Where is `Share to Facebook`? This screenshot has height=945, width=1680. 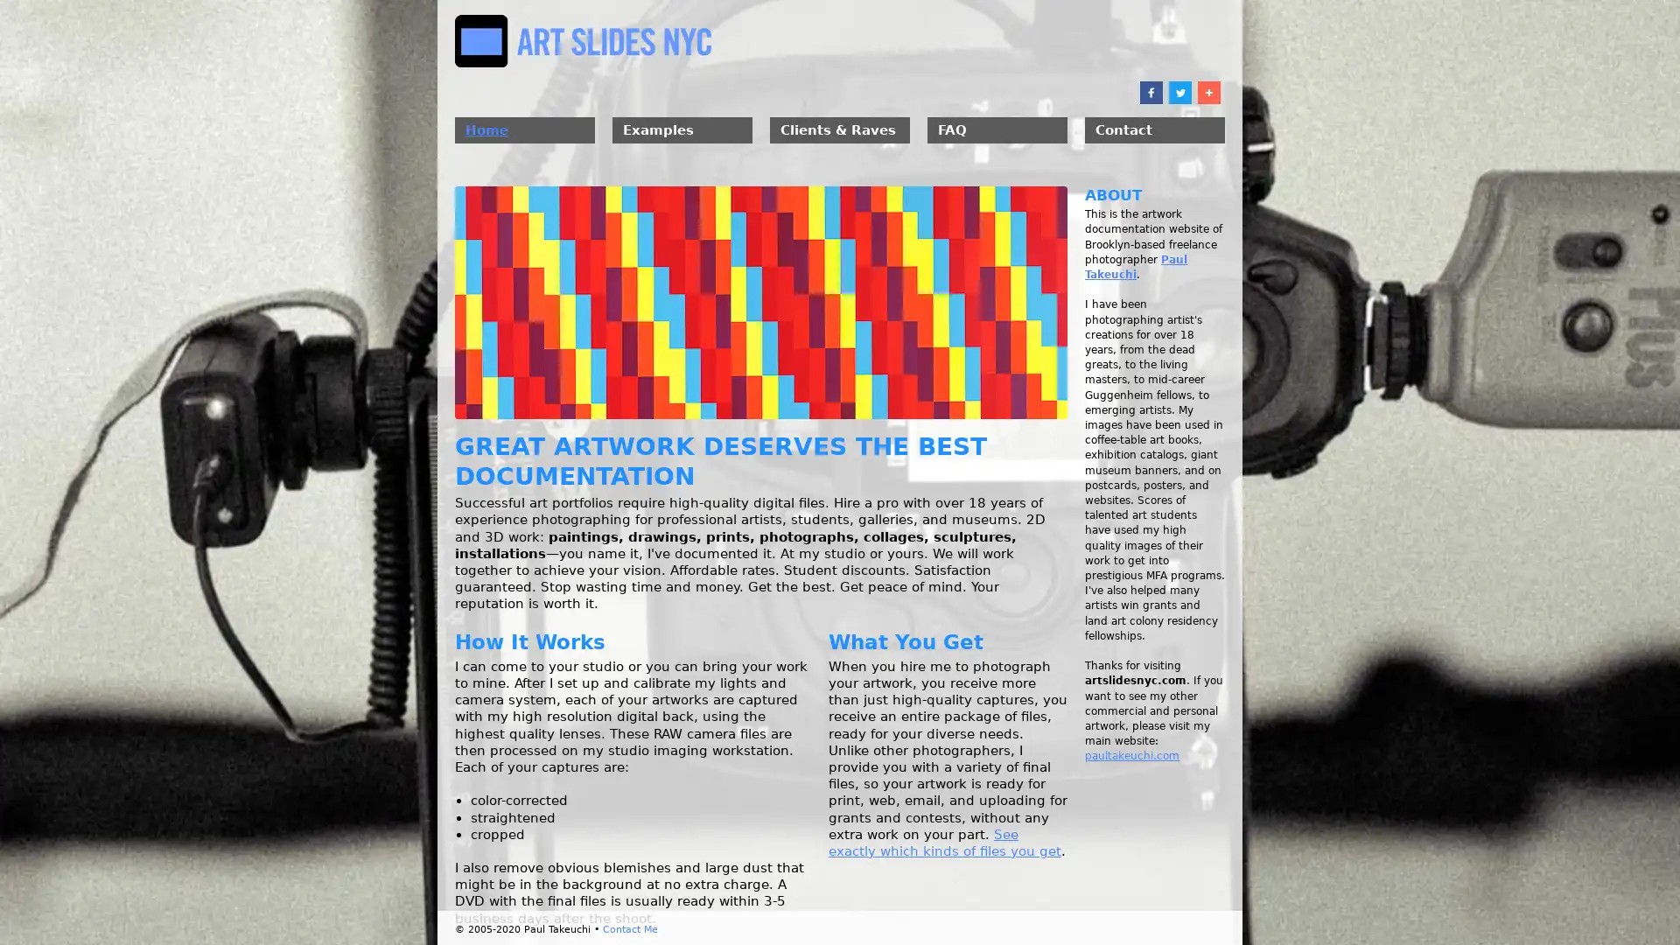
Share to Facebook is located at coordinates (1158, 91).